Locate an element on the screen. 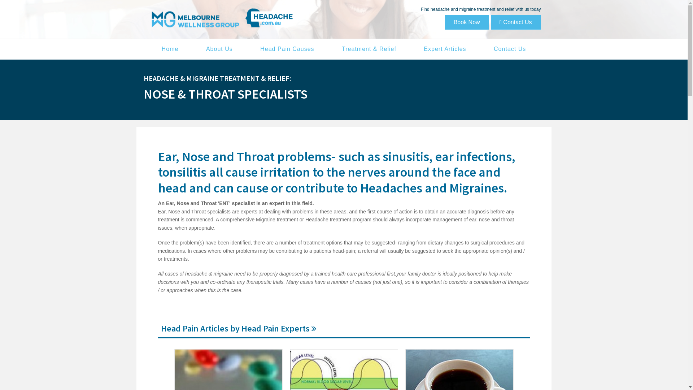 This screenshot has height=390, width=693. 'Book Now' is located at coordinates (444, 22).